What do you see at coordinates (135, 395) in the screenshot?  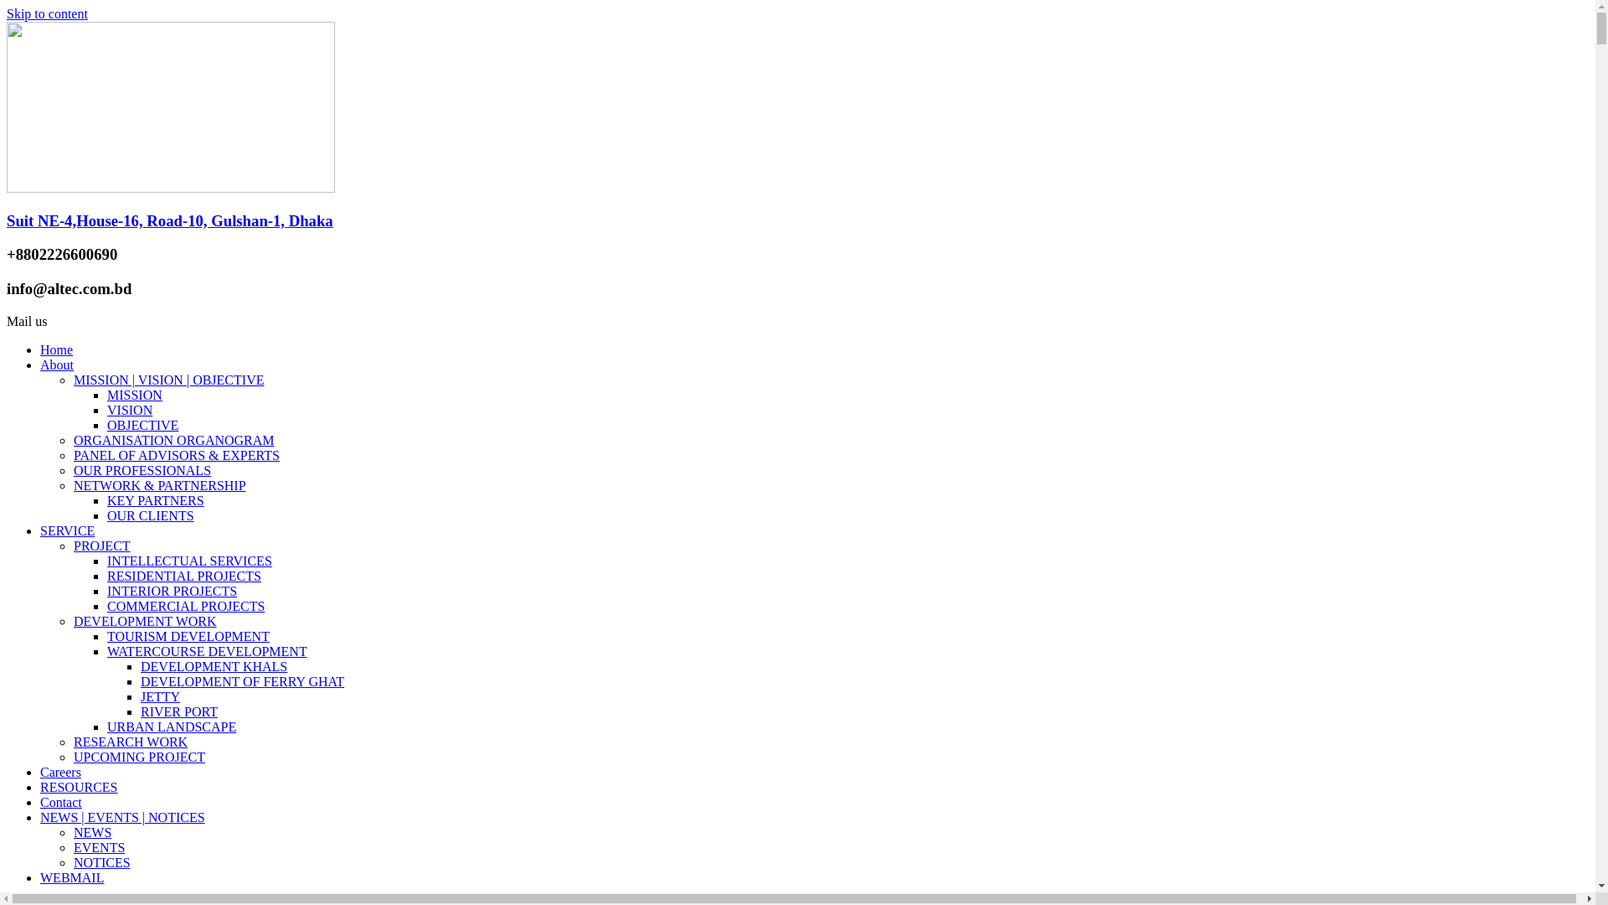 I see `'MISSION'` at bounding box center [135, 395].